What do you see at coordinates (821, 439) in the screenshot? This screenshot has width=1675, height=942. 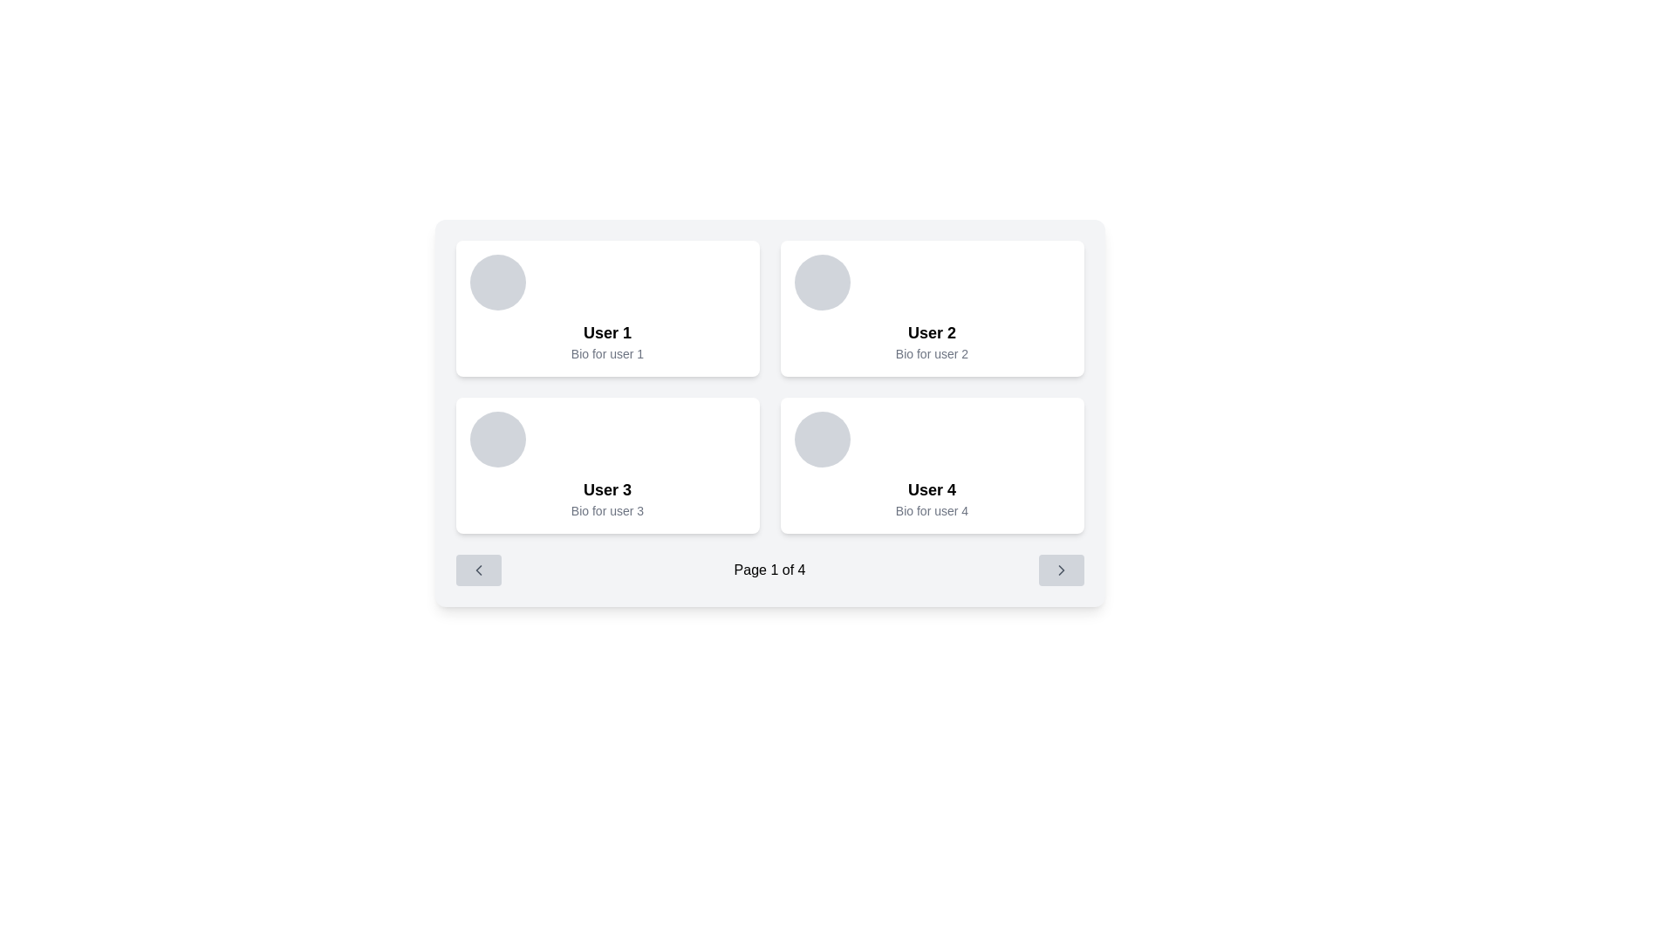 I see `the Circle placeholder for the user profile picture located at the top-left corner of the user profile card` at bounding box center [821, 439].